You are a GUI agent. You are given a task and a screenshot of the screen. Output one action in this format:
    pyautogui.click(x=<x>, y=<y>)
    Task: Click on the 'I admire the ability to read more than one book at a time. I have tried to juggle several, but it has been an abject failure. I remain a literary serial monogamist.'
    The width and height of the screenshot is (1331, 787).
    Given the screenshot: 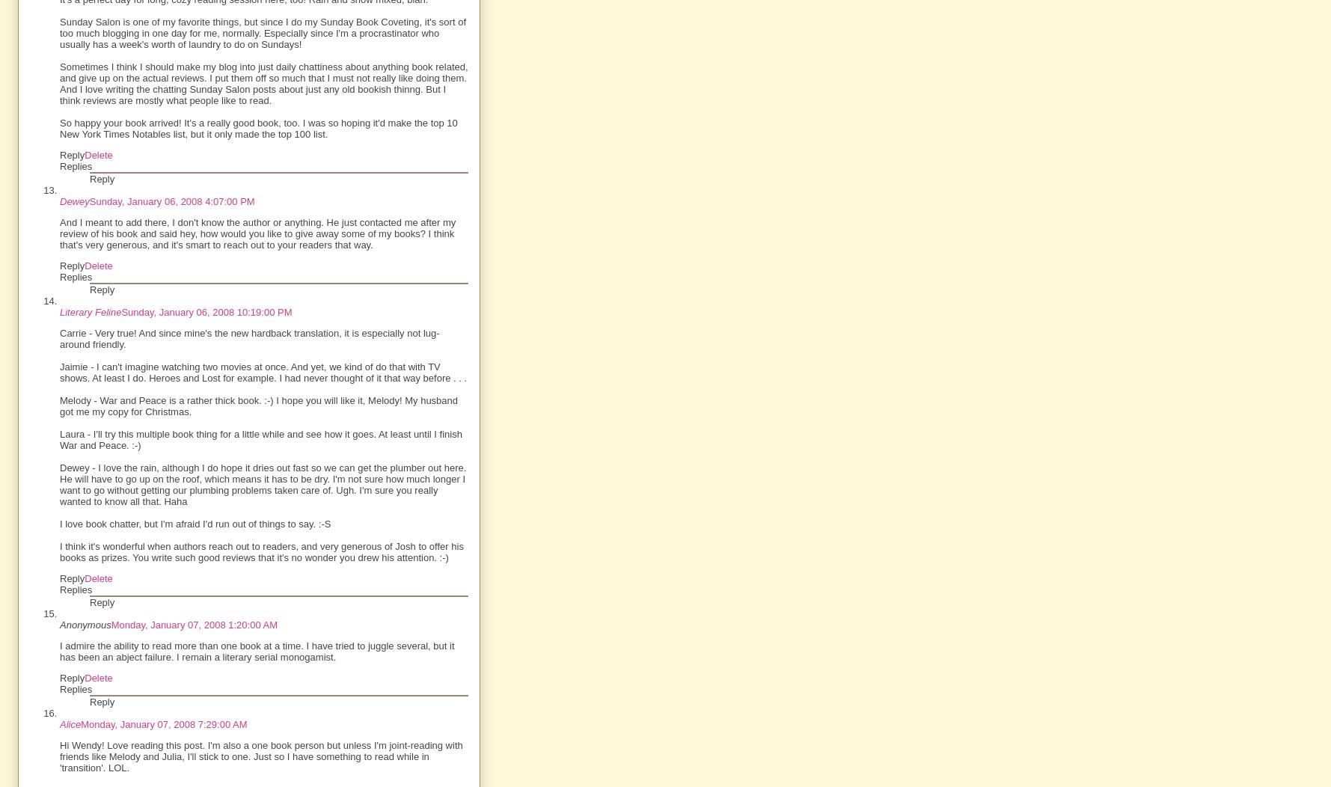 What is the action you would take?
    pyautogui.click(x=59, y=650)
    